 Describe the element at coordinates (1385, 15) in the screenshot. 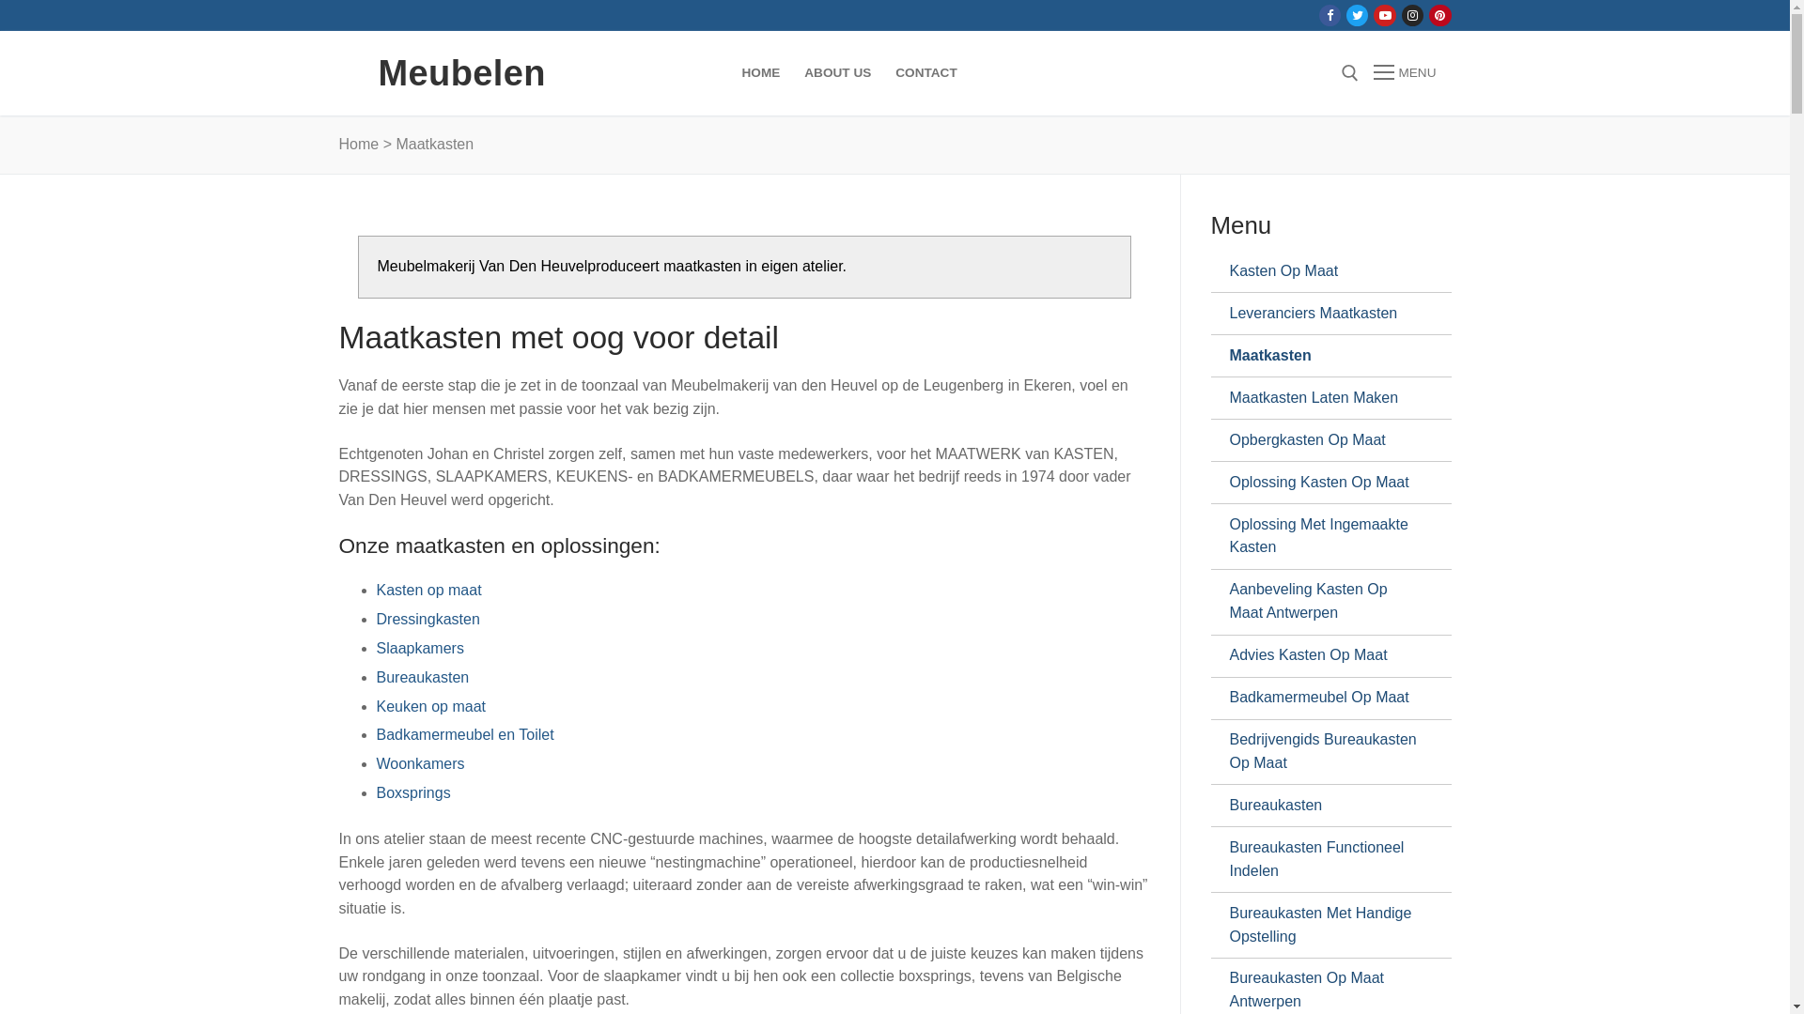

I see `'Youtube'` at that location.